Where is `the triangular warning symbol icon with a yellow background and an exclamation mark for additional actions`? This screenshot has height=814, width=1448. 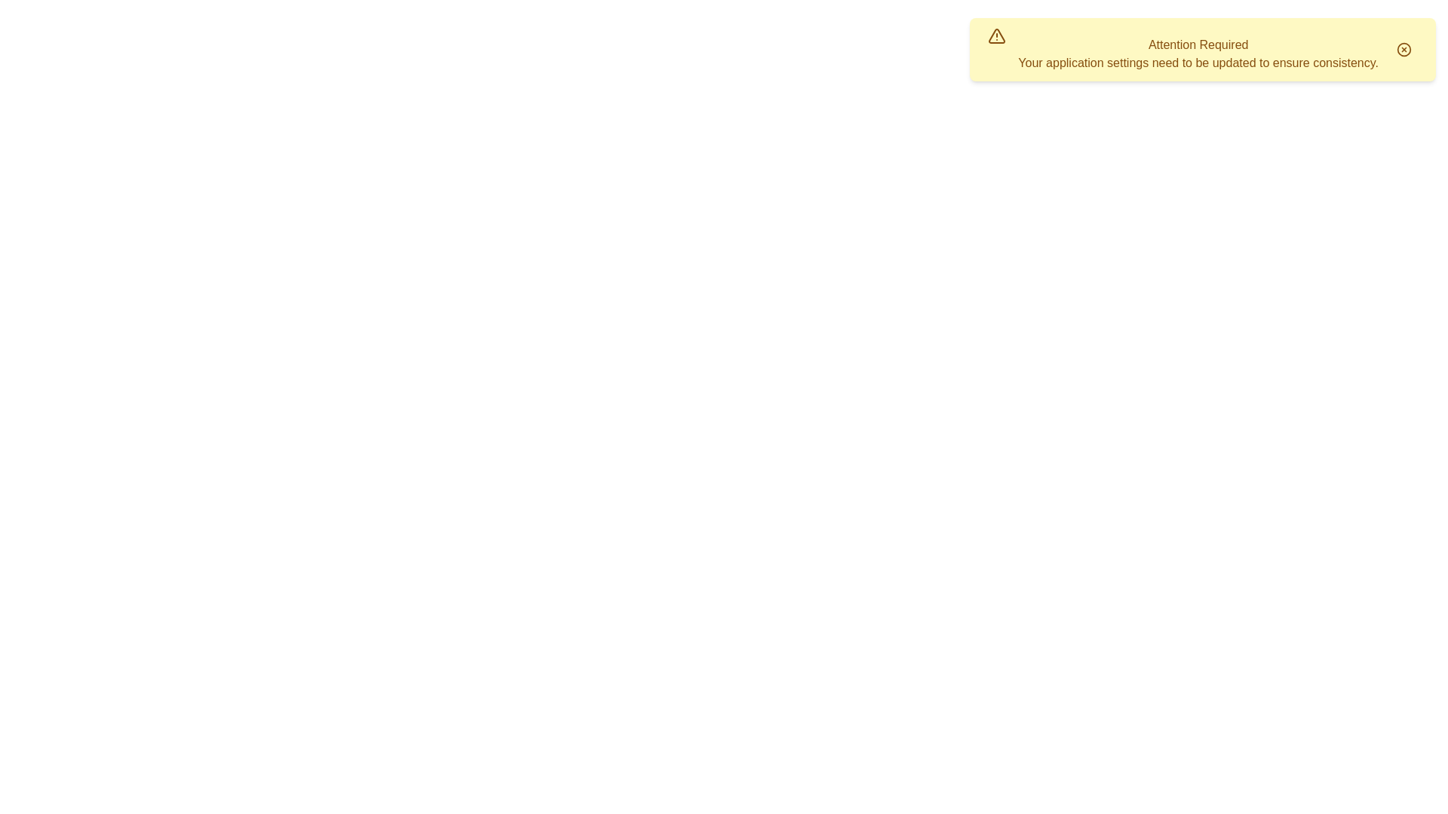 the triangular warning symbol icon with a yellow background and an exclamation mark for additional actions is located at coordinates (997, 35).